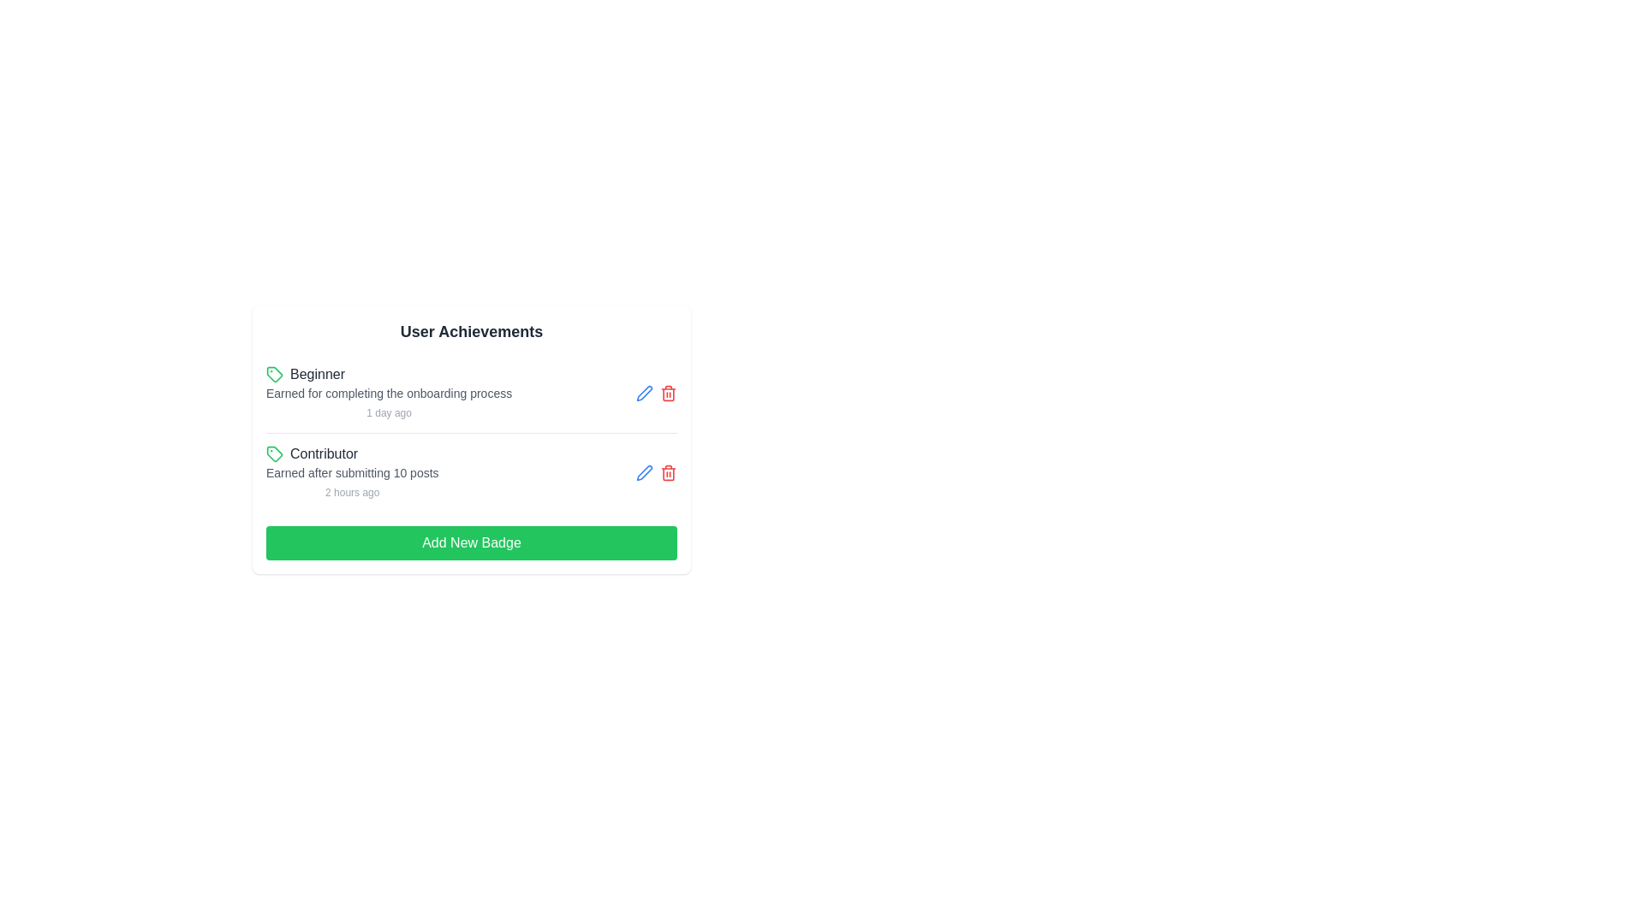 The width and height of the screenshot is (1644, 924). What do you see at coordinates (351, 492) in the screenshot?
I see `the text label displaying '2 hours ago' located at the bottom-right corner of the 'Contributor' achievement description group` at bounding box center [351, 492].